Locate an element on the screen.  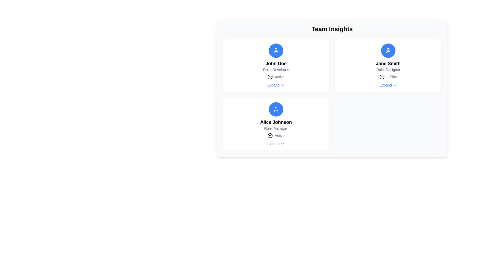
the interactive hyperlink for 'Jane Smith' located beneath the 'Offline' status indicator in the profile card is located at coordinates (388, 85).